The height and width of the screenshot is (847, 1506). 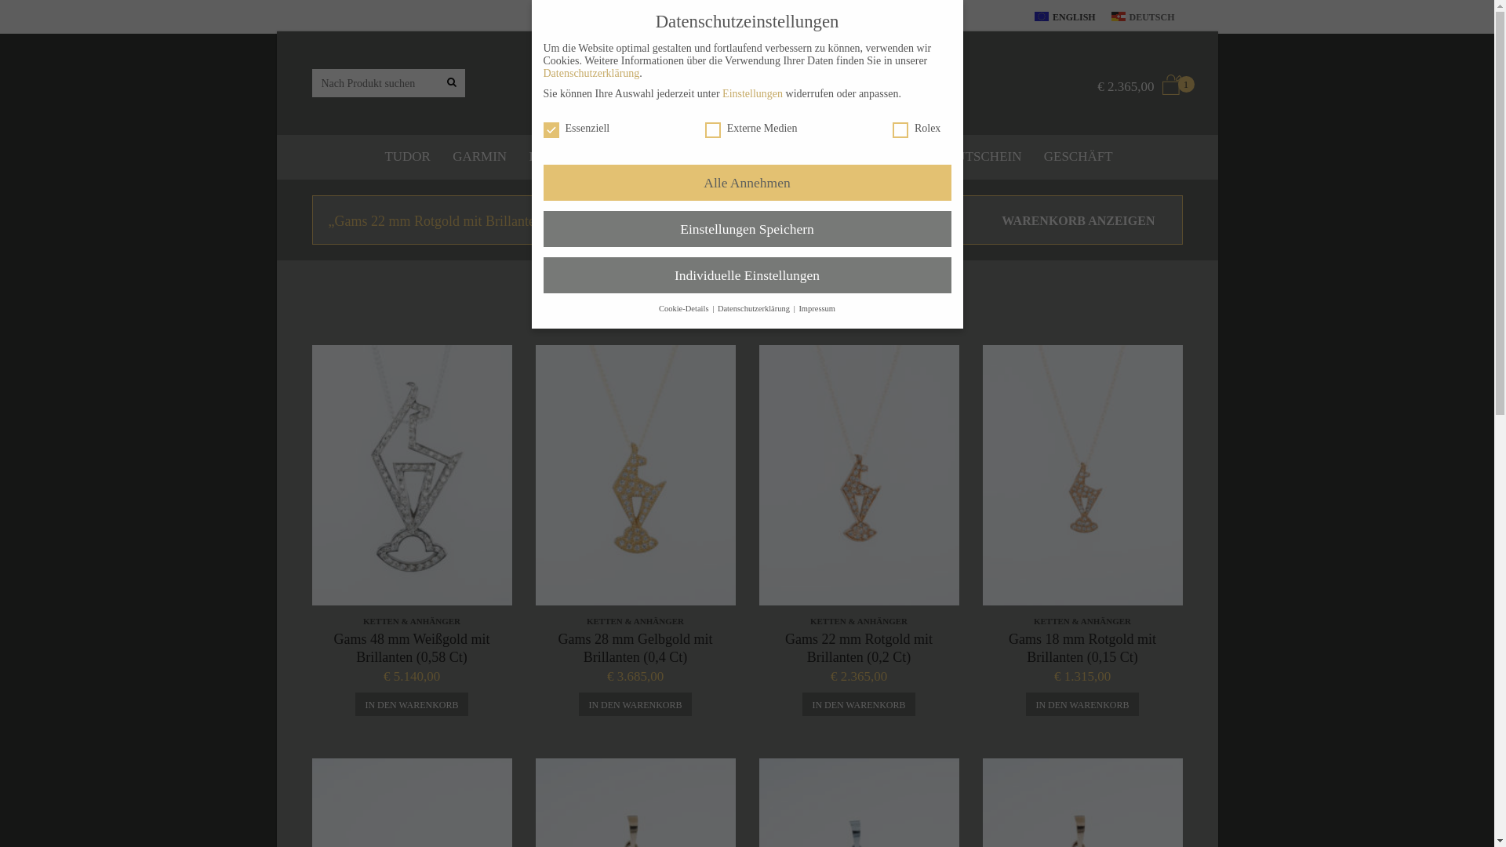 What do you see at coordinates (816, 308) in the screenshot?
I see `'Impressum'` at bounding box center [816, 308].